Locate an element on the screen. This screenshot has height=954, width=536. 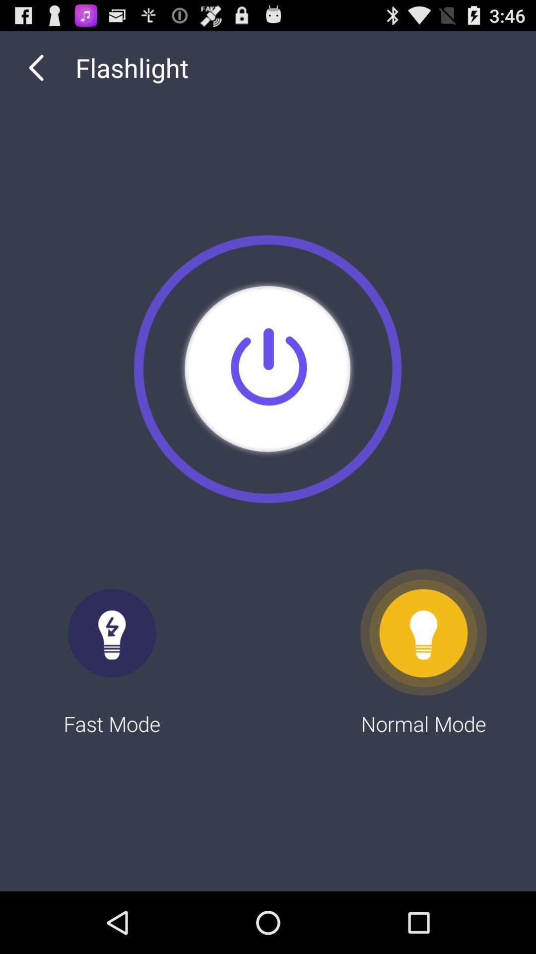
the fast mode is located at coordinates (112, 653).